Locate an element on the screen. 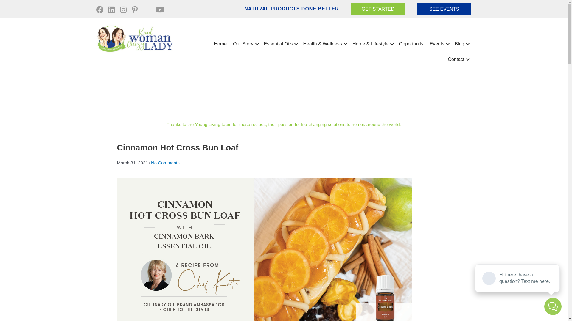 Image resolution: width=572 pixels, height=321 pixels. 'Our Story' is located at coordinates (245, 43).